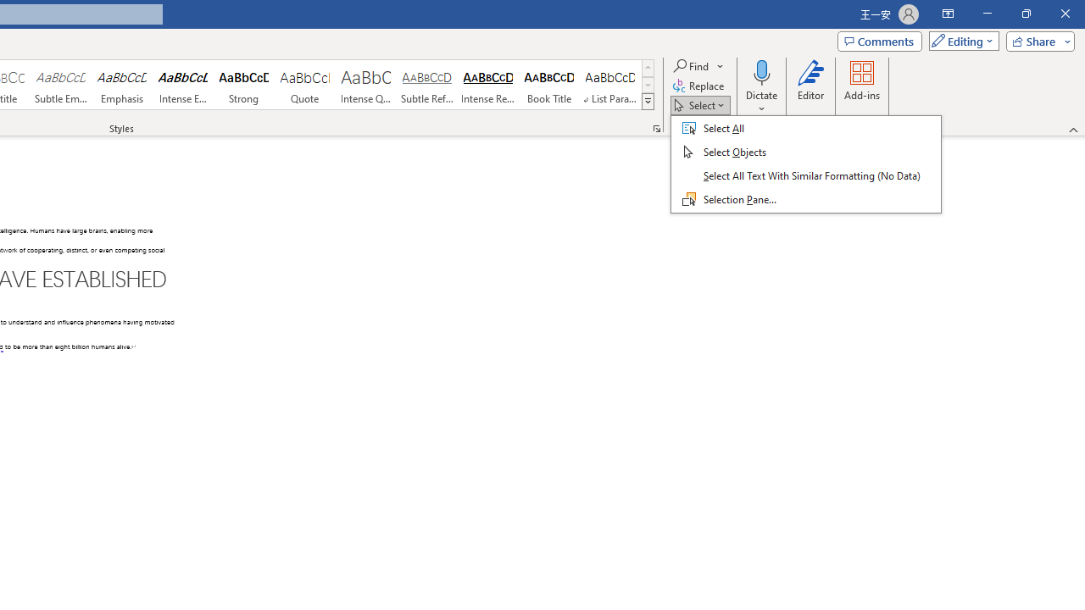  Describe the element at coordinates (60, 85) in the screenshot. I see `'Subtle Emphasis'` at that location.